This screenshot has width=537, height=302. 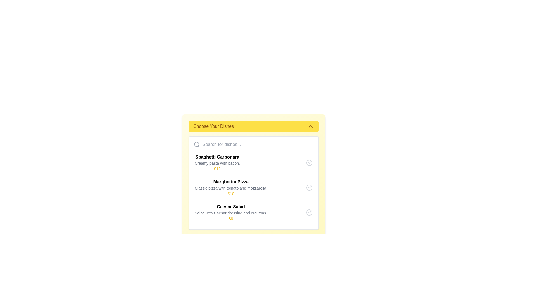 What do you see at coordinates (253, 163) in the screenshot?
I see `the first selectable dish entry in the menu under the 'Choose Your Dishes' section` at bounding box center [253, 163].